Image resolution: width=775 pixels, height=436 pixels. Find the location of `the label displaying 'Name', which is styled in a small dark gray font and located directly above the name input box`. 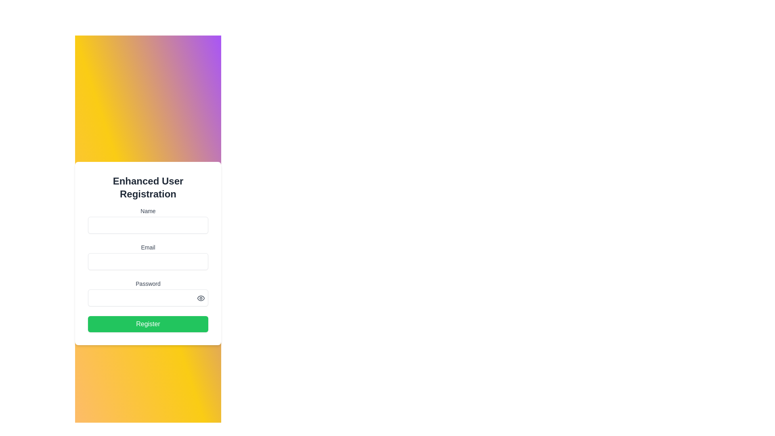

the label displaying 'Name', which is styled in a small dark gray font and located directly above the name input box is located at coordinates (148, 211).